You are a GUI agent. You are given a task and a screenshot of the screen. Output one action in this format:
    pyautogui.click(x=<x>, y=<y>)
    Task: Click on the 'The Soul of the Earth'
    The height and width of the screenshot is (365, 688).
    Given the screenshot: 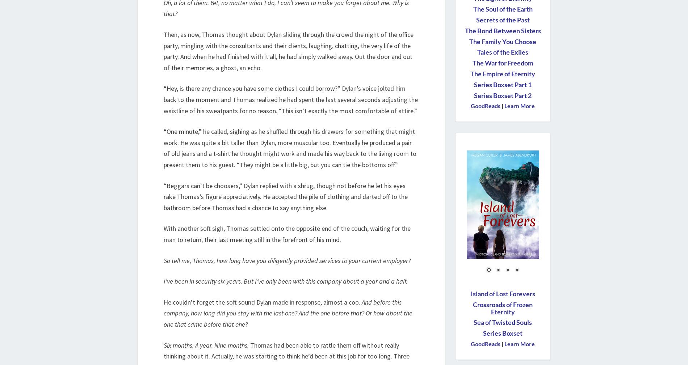 What is the action you would take?
    pyautogui.click(x=473, y=9)
    